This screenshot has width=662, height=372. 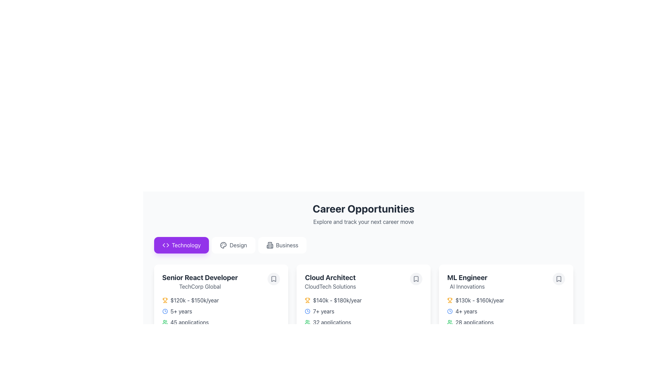 I want to click on the achievement icon representing salary information for the job listing 'Senior React Developer' to inspect its details, so click(x=307, y=299).